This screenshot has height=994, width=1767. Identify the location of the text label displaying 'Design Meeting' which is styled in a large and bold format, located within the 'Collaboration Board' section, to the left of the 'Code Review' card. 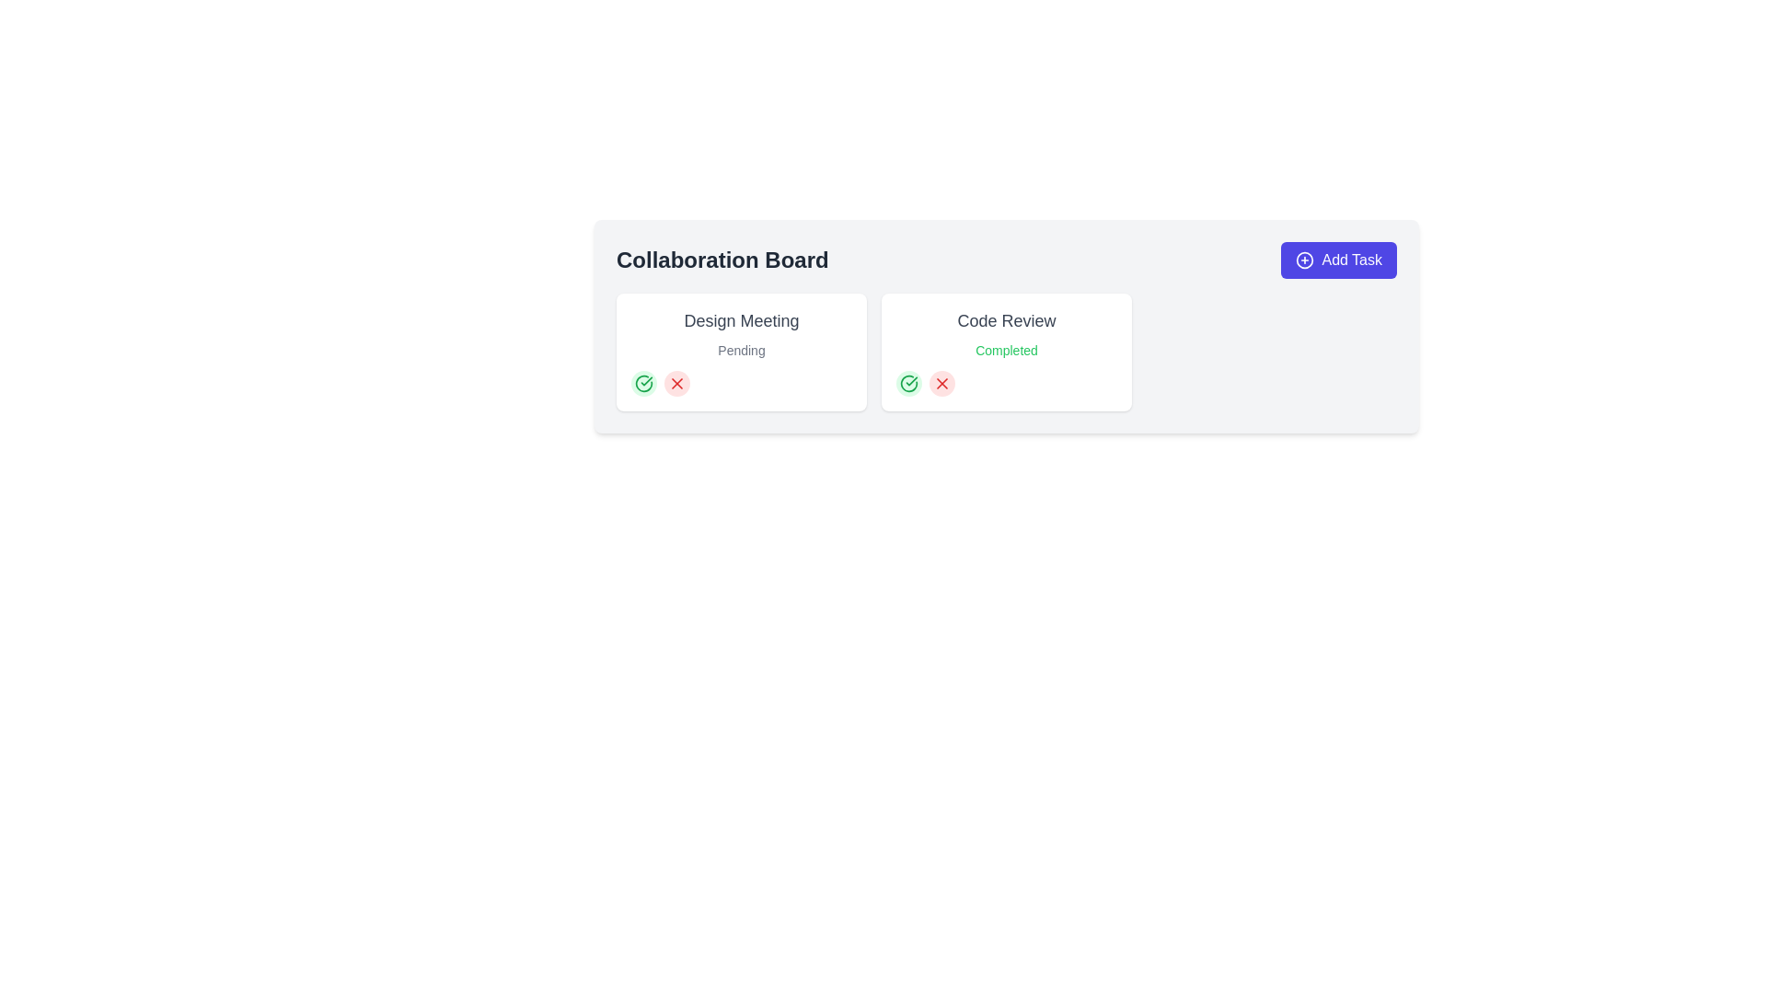
(742, 319).